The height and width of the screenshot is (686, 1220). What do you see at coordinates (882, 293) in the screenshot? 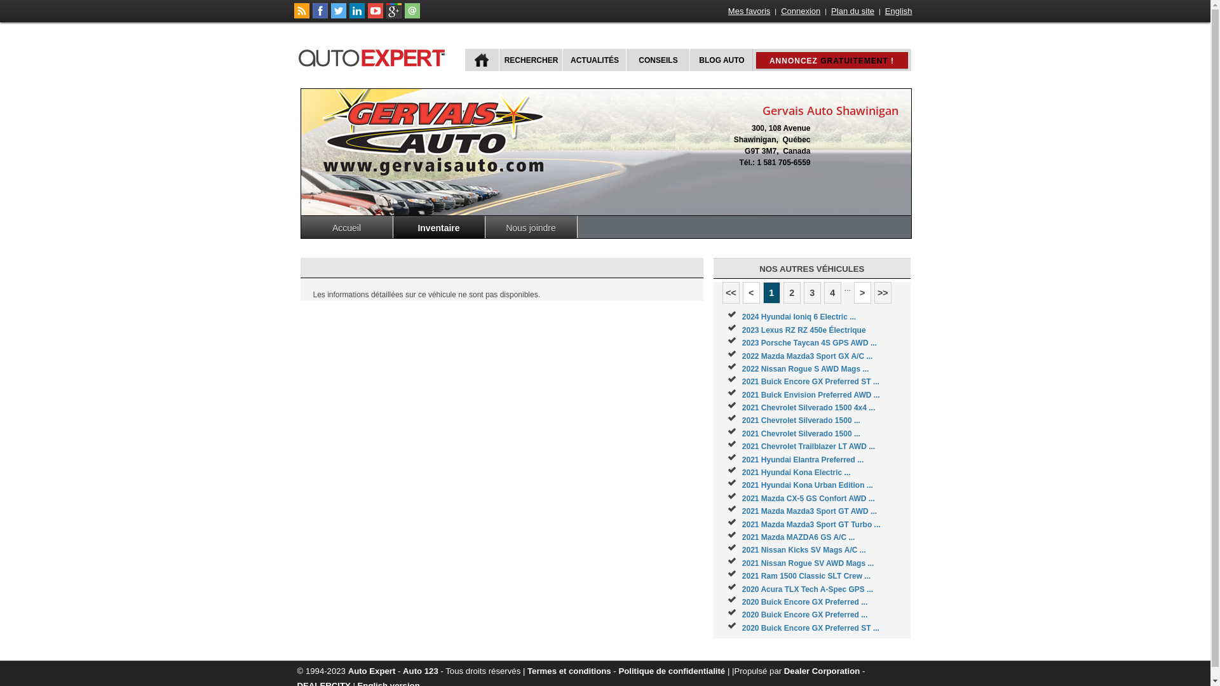
I see `'>>'` at bounding box center [882, 293].